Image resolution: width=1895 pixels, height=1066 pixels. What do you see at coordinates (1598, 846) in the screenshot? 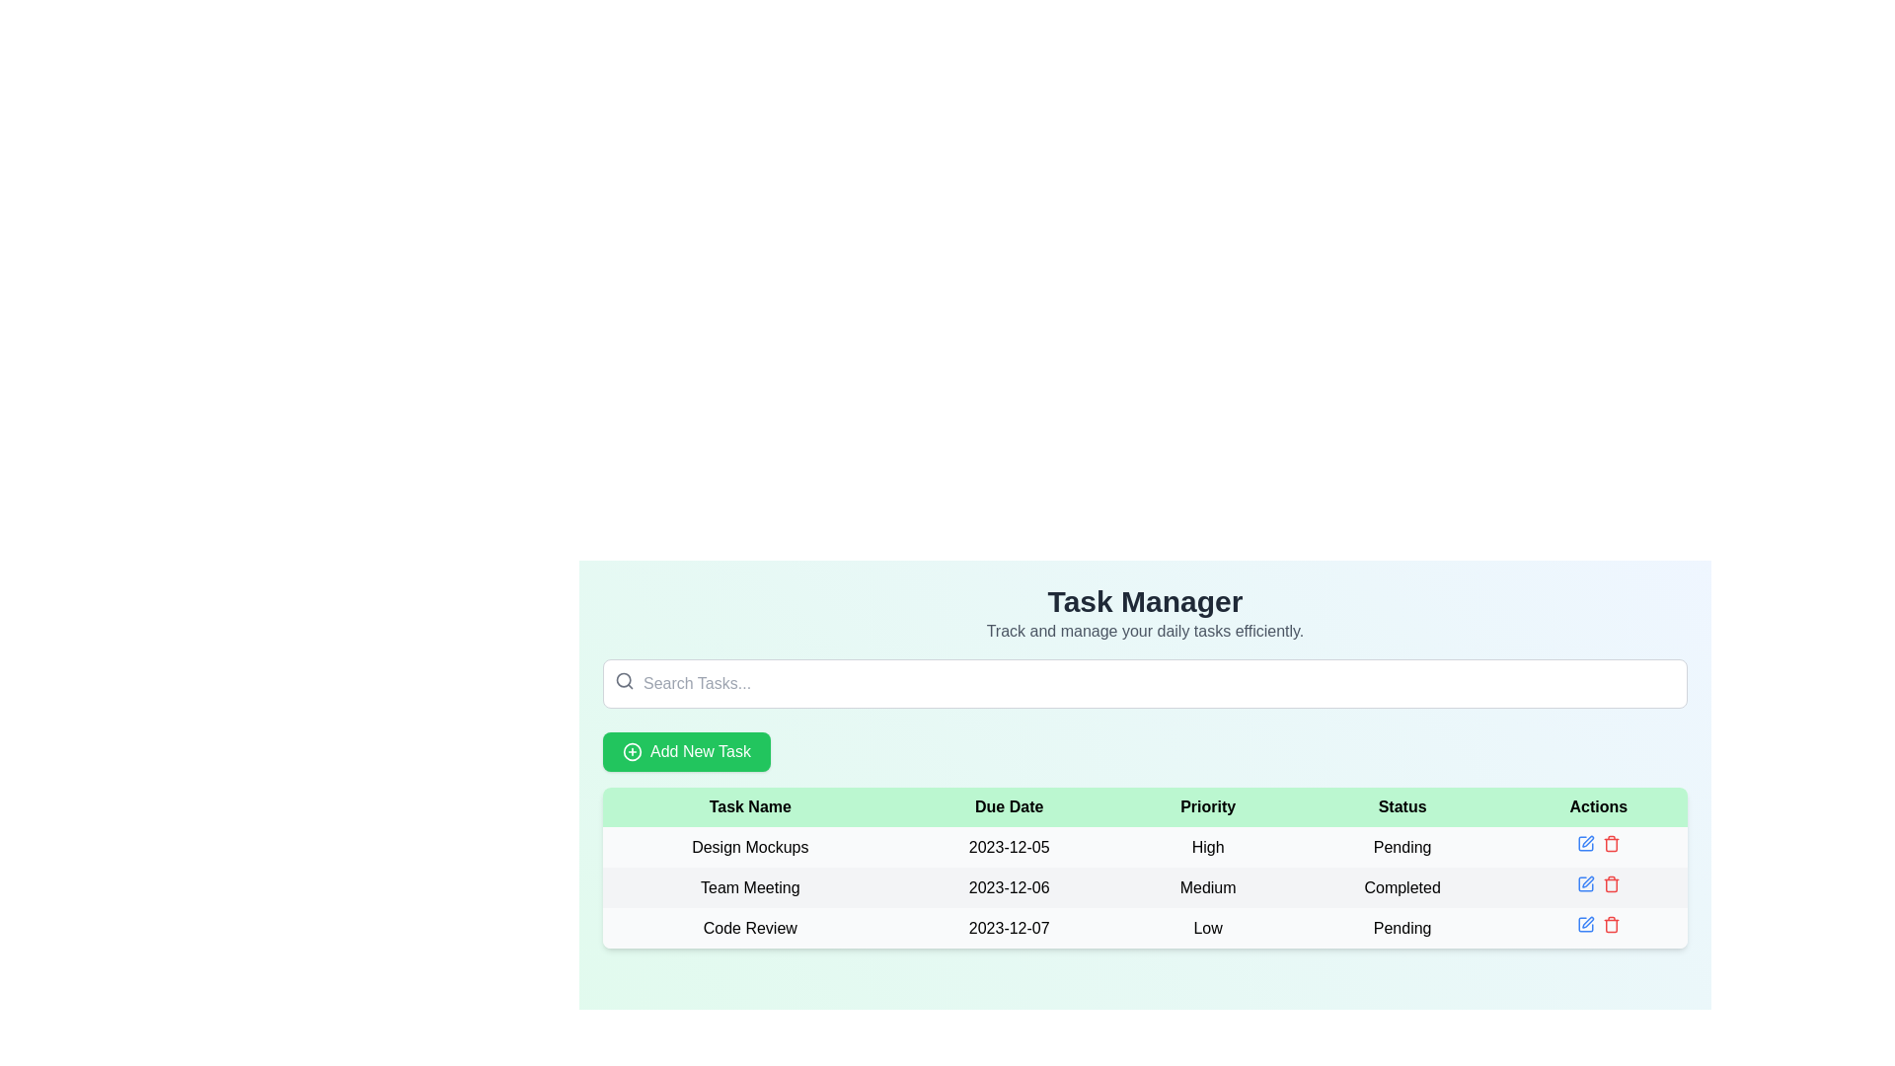
I see `the blue pencil icon in the 'Actions' column of the 'Design Mockups' row` at bounding box center [1598, 846].